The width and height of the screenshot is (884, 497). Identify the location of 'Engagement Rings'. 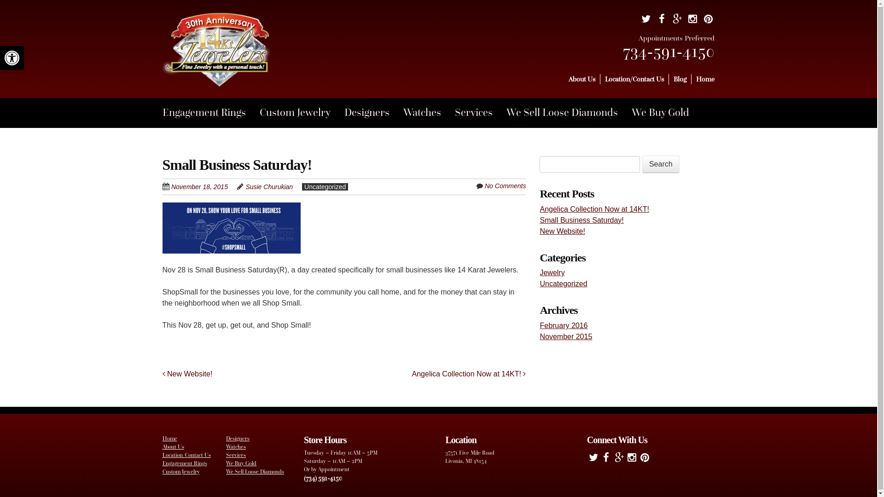
(184, 463).